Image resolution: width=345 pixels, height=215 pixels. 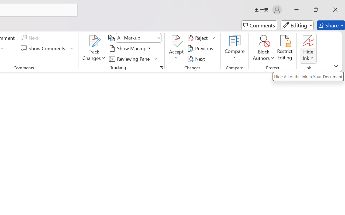 What do you see at coordinates (296, 9) in the screenshot?
I see `'Minimize'` at bounding box center [296, 9].